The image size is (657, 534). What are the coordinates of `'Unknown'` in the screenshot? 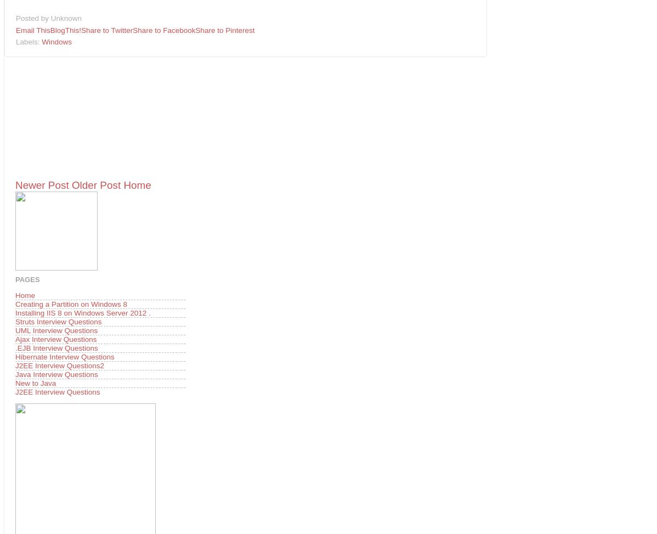 It's located at (65, 18).